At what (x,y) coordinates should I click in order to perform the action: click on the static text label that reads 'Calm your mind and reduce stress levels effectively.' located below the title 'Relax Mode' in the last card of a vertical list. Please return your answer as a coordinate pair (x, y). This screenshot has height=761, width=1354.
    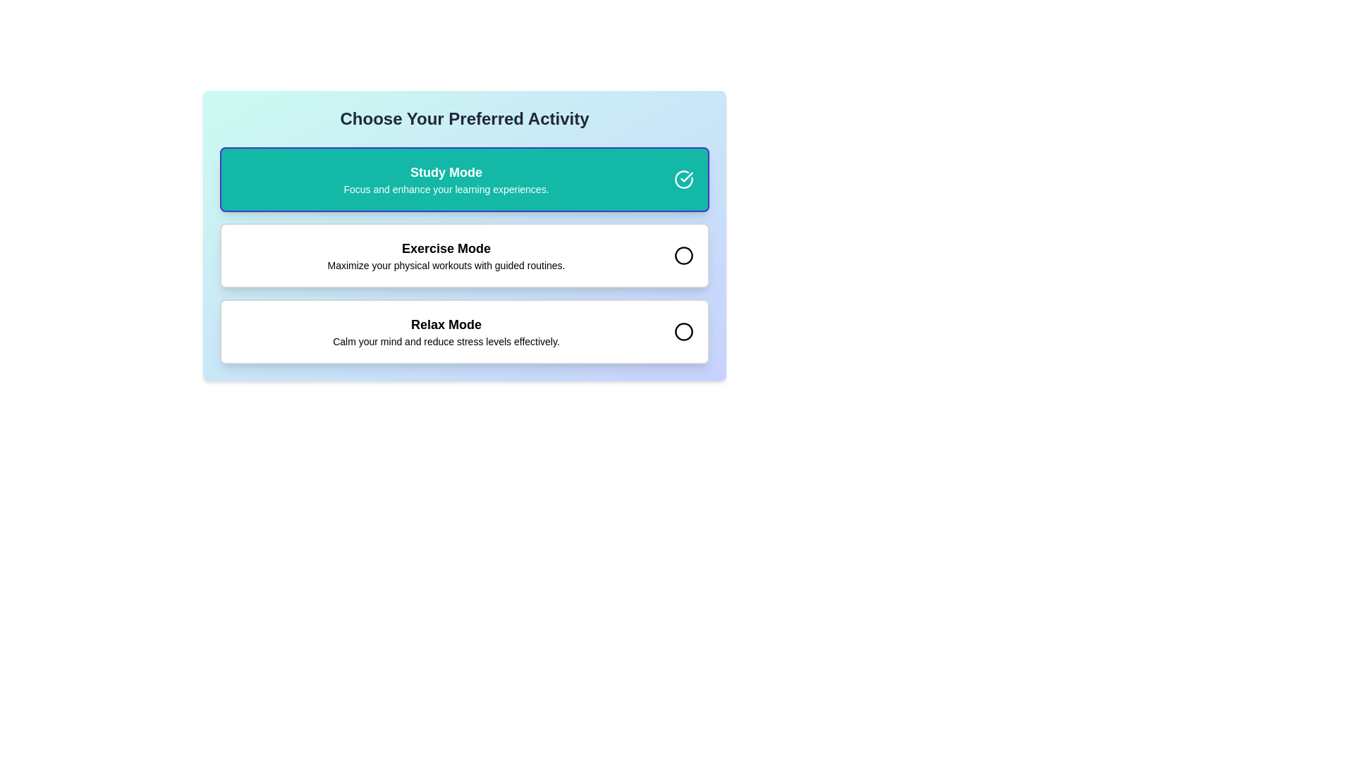
    Looking at the image, I should click on (446, 342).